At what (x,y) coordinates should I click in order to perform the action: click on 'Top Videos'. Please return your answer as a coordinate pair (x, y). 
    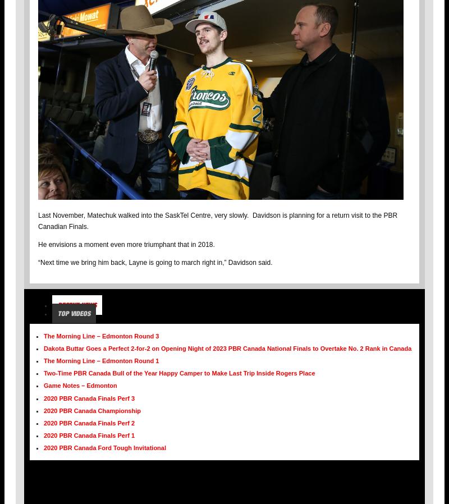
    Looking at the image, I should click on (74, 312).